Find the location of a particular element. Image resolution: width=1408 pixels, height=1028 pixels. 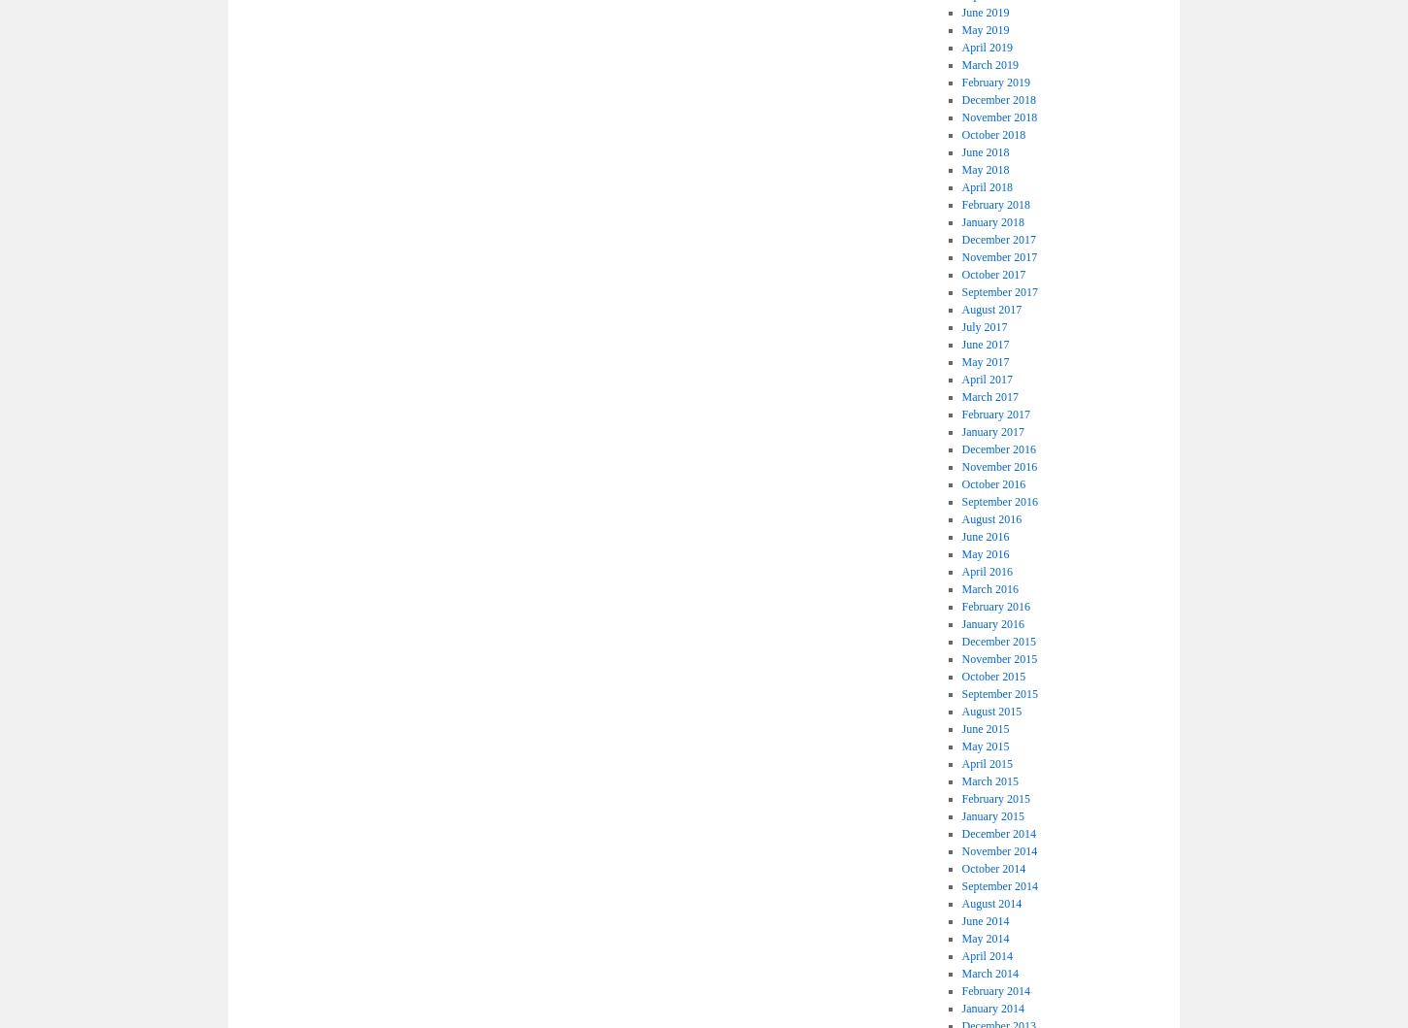

'August 2014' is located at coordinates (990, 903).